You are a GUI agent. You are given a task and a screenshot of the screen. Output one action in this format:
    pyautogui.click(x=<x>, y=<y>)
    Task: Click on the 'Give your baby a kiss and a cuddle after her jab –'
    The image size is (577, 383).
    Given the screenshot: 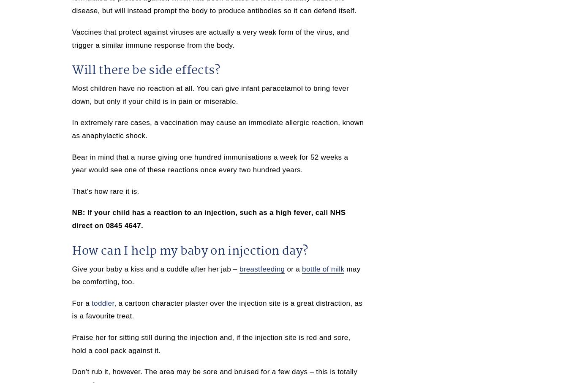 What is the action you would take?
    pyautogui.click(x=155, y=269)
    